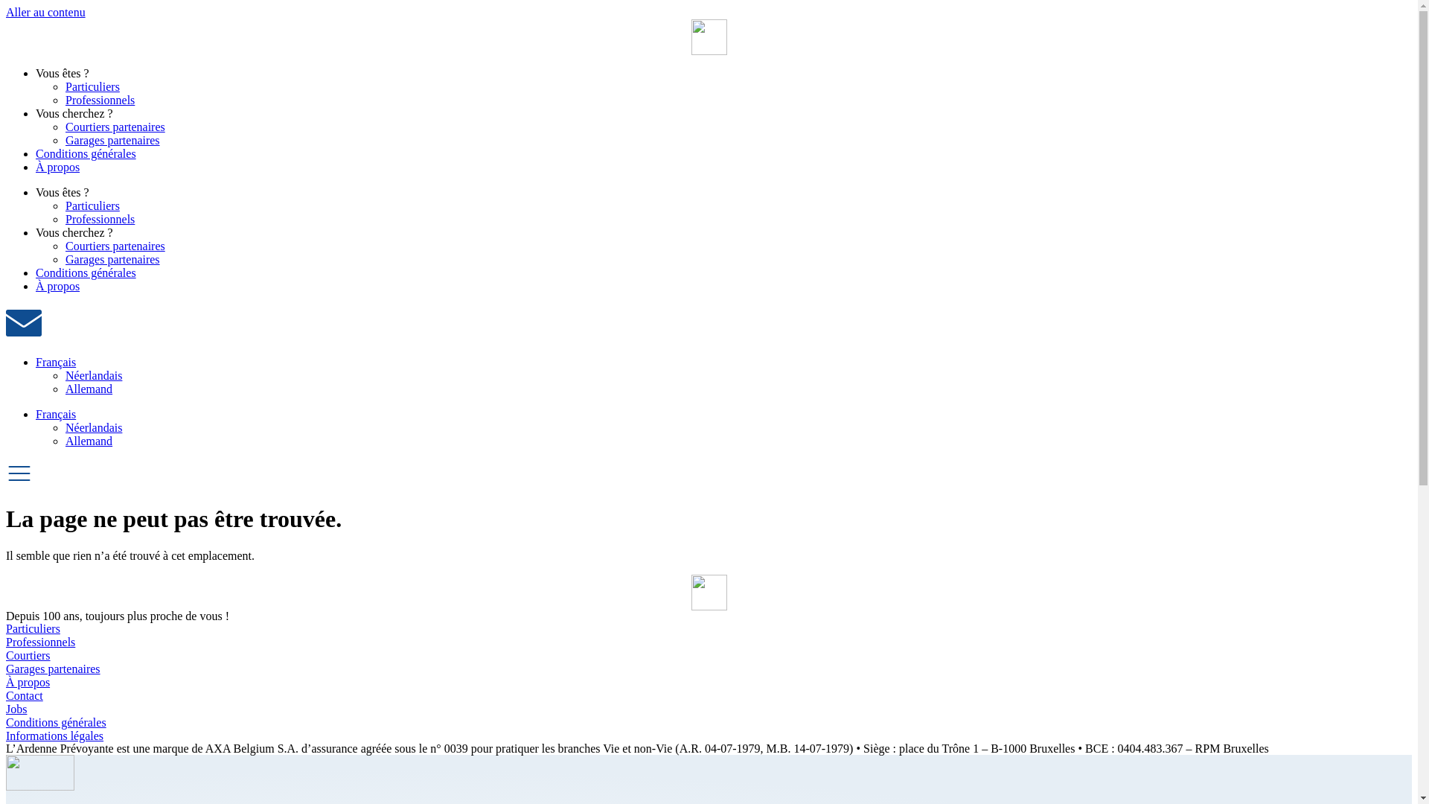 This screenshot has width=1429, height=804. What do you see at coordinates (112, 140) in the screenshot?
I see `'Garages partenaires'` at bounding box center [112, 140].